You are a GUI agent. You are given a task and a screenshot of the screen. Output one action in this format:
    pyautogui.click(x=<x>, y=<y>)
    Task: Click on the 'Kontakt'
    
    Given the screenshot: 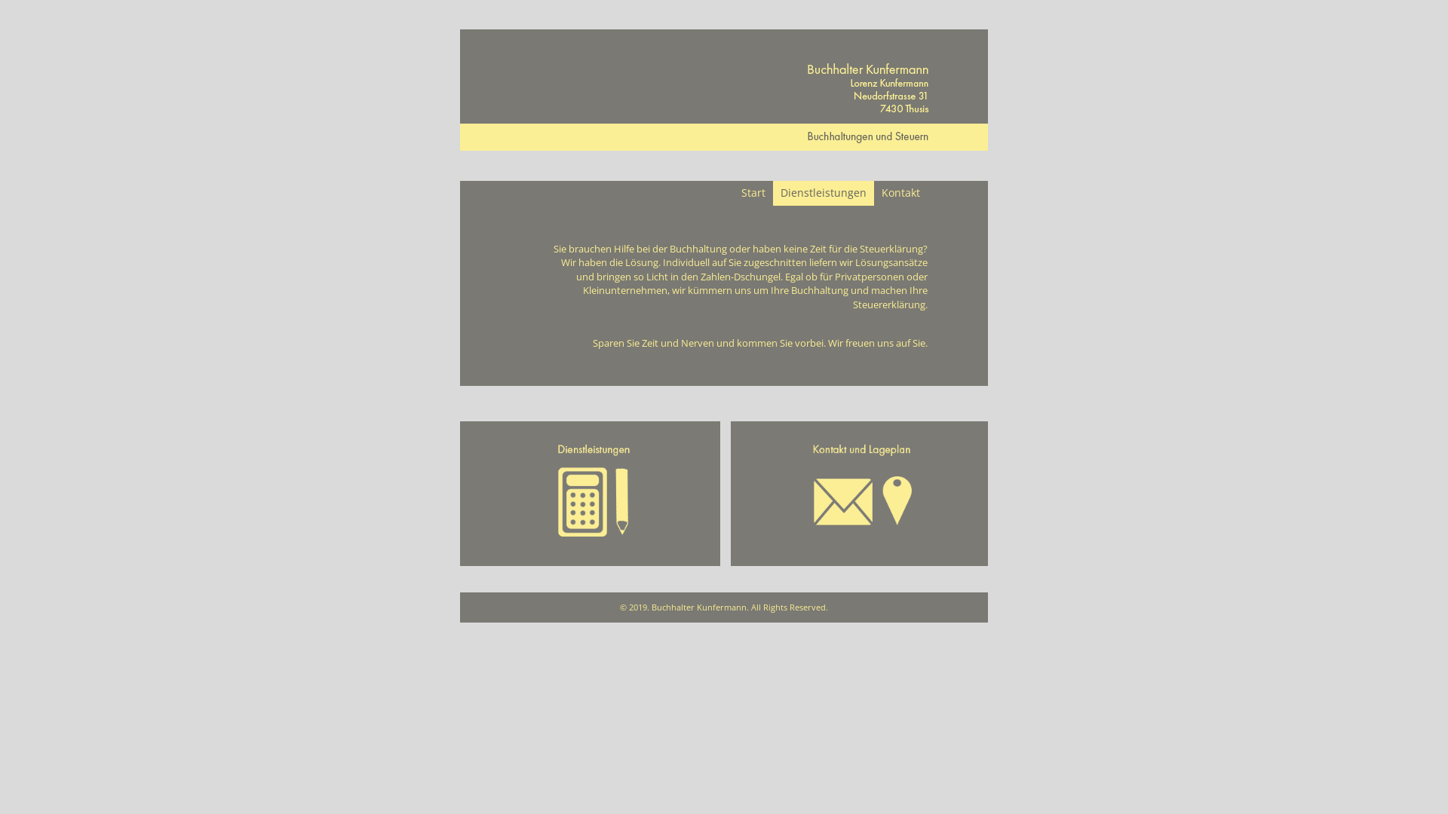 What is the action you would take?
    pyautogui.click(x=900, y=192)
    